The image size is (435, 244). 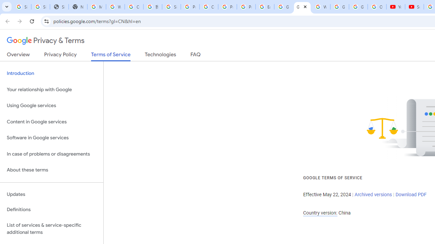 I want to click on 'In case of problems or disagreements', so click(x=51, y=154).